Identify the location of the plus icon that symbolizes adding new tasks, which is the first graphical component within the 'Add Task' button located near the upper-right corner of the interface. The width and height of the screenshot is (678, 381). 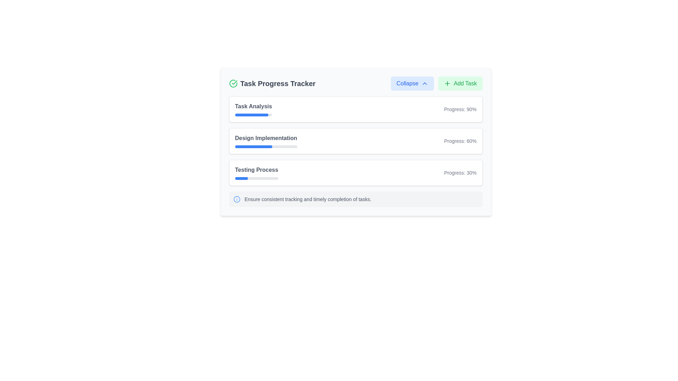
(447, 83).